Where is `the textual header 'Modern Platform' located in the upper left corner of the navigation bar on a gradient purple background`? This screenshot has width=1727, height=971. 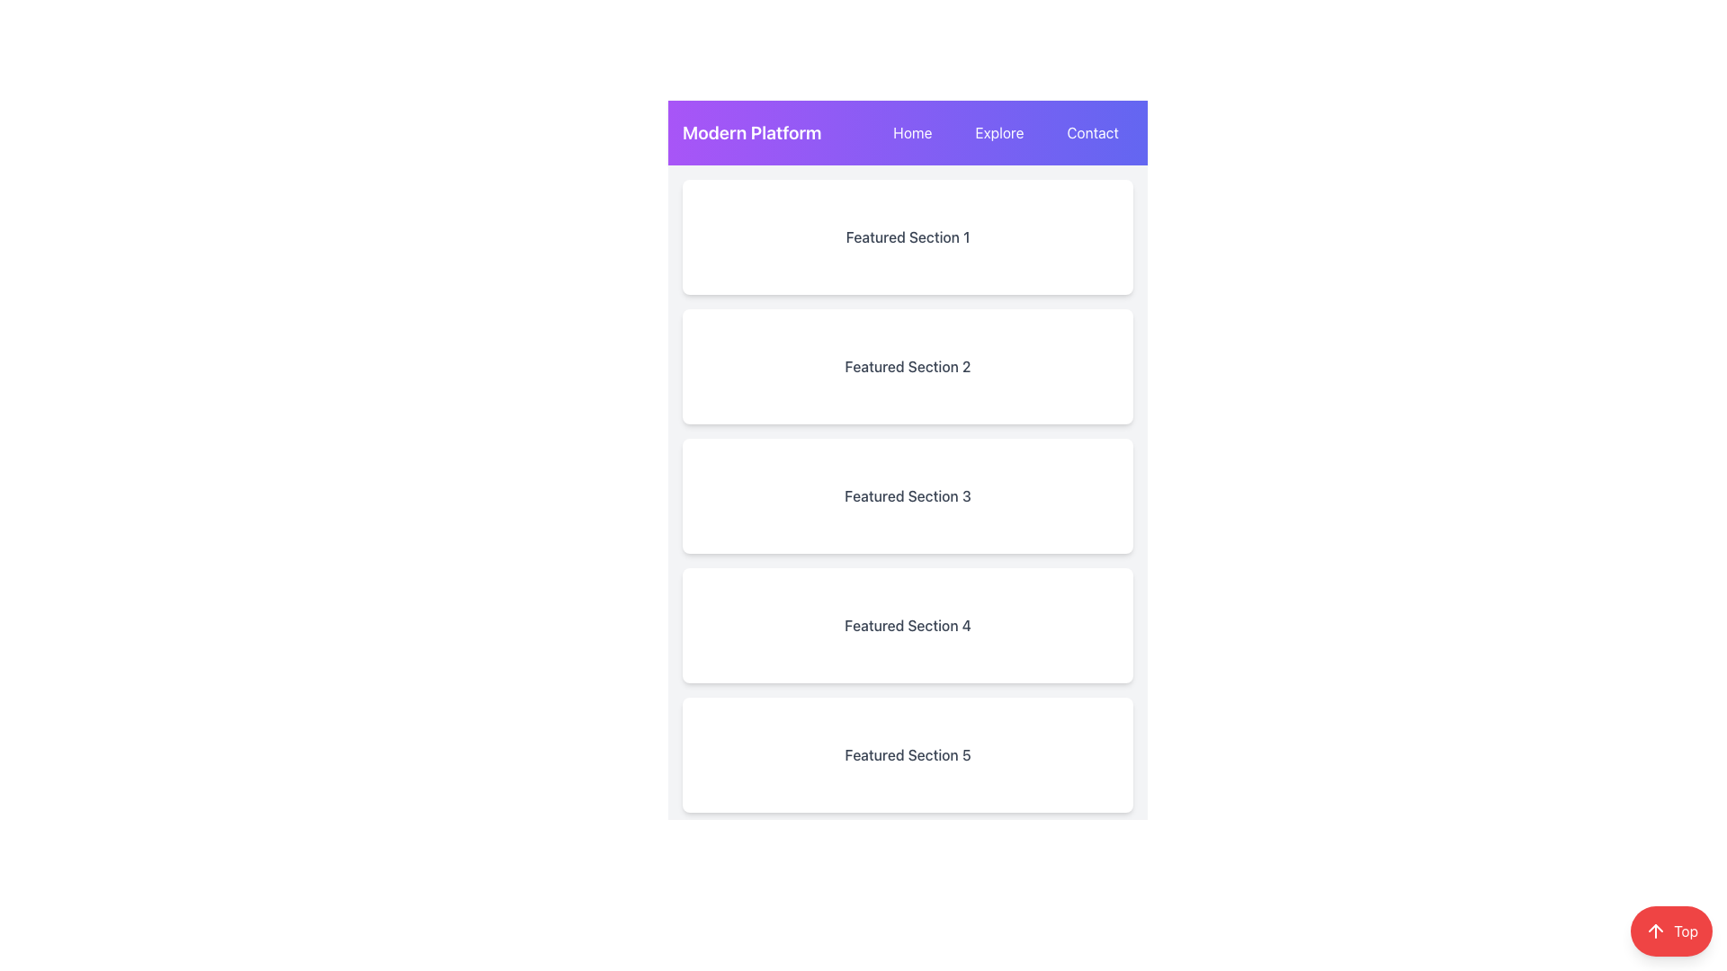
the textual header 'Modern Platform' located in the upper left corner of the navigation bar on a gradient purple background is located at coordinates (752, 131).